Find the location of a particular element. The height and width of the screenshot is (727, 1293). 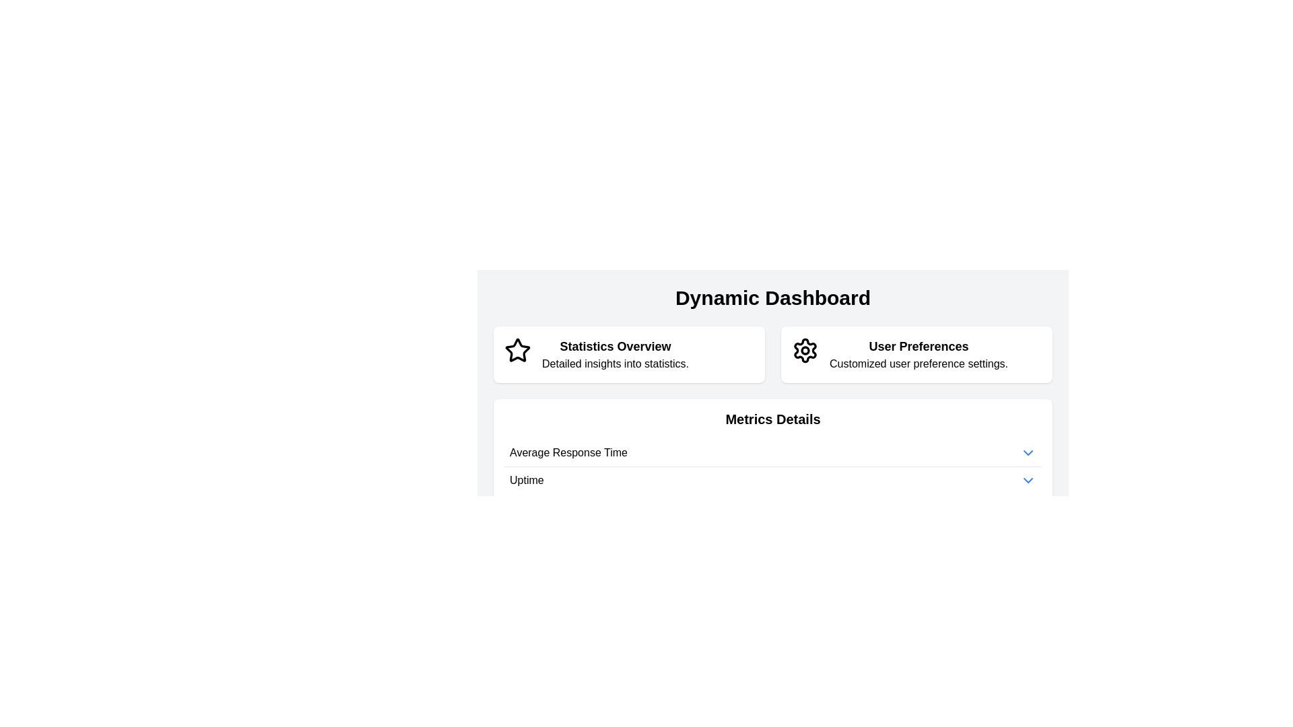

the blue downward arrow icon (chevron) styled as a dropdown toggle located next to the text 'Uptime' is located at coordinates (1027, 479).